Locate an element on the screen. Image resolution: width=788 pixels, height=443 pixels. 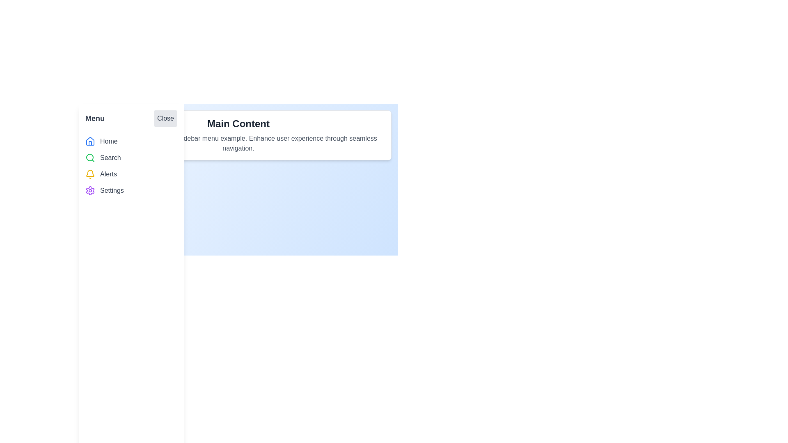
the 'Home' icon located in the left sidebar navigation menu is located at coordinates (90, 141).